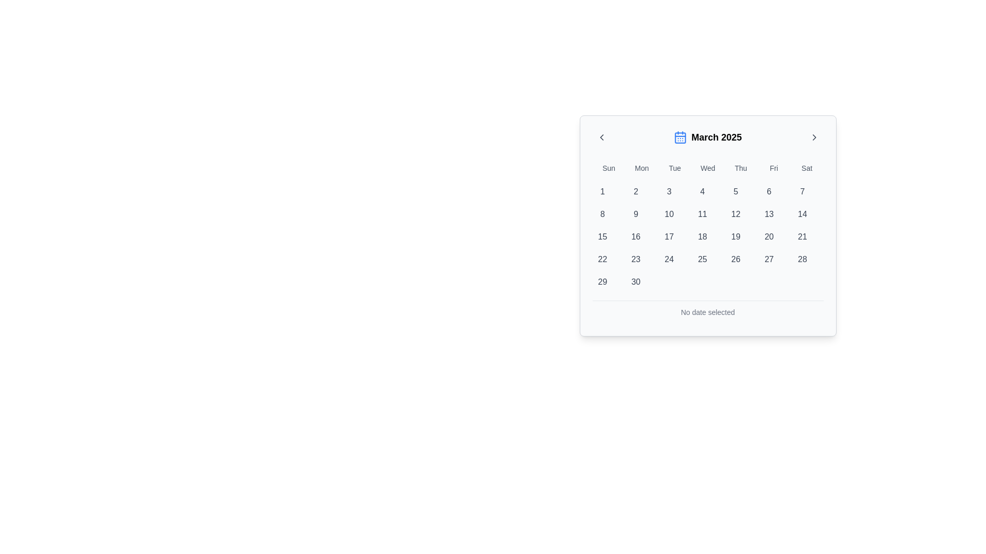 The height and width of the screenshot is (554, 986). I want to click on the button representing the 14th day in the calendar view, so click(802, 213).